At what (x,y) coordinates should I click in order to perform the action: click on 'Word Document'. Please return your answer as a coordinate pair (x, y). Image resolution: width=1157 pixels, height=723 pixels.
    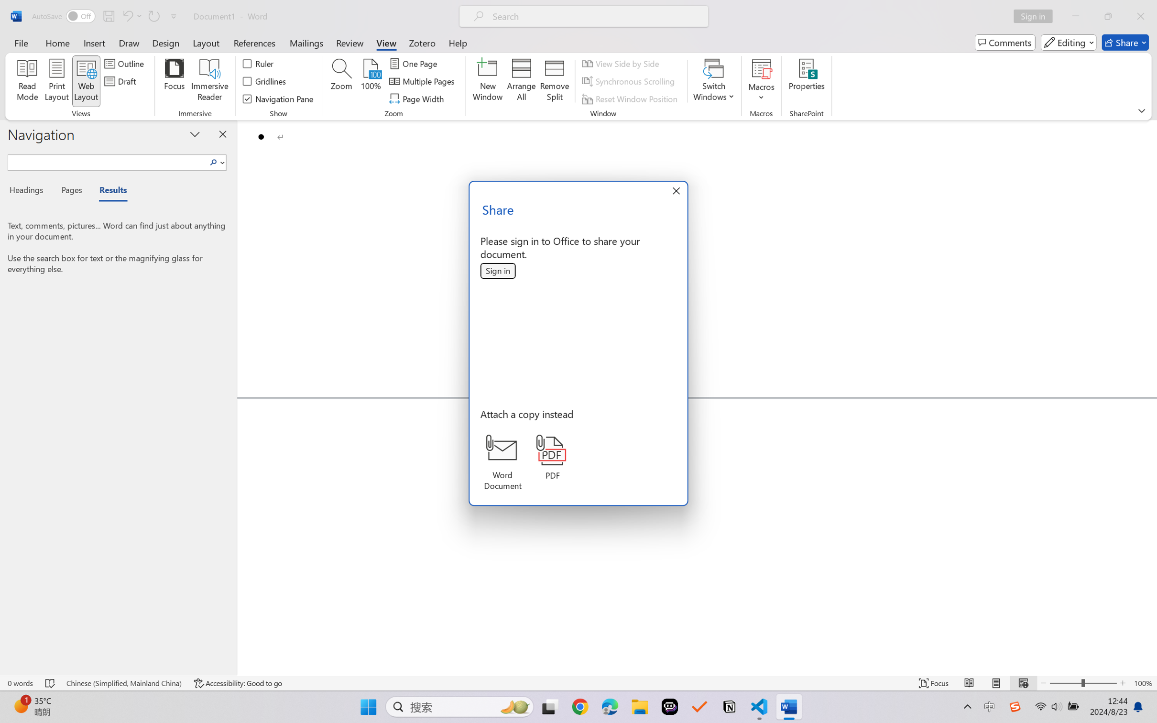
    Looking at the image, I should click on (502, 462).